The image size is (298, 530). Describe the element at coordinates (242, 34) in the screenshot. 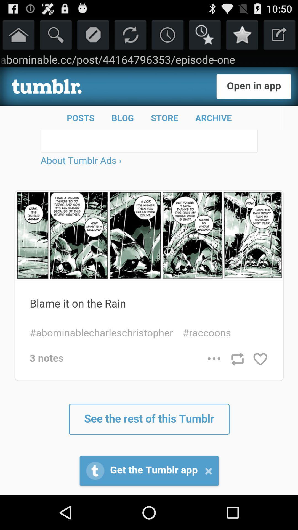

I see `favorites` at that location.